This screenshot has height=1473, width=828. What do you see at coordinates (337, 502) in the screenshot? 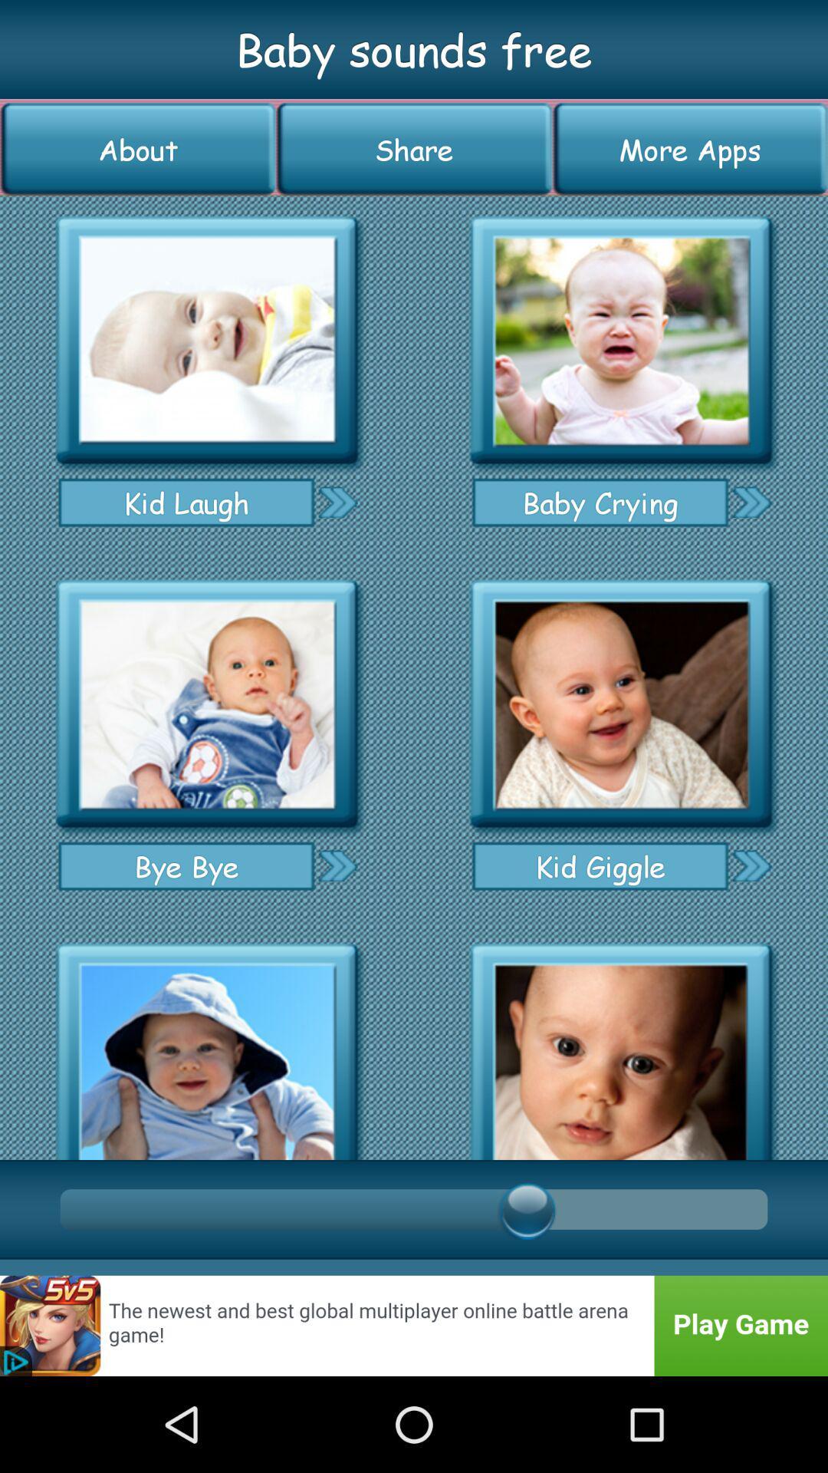
I see `previous button` at bounding box center [337, 502].